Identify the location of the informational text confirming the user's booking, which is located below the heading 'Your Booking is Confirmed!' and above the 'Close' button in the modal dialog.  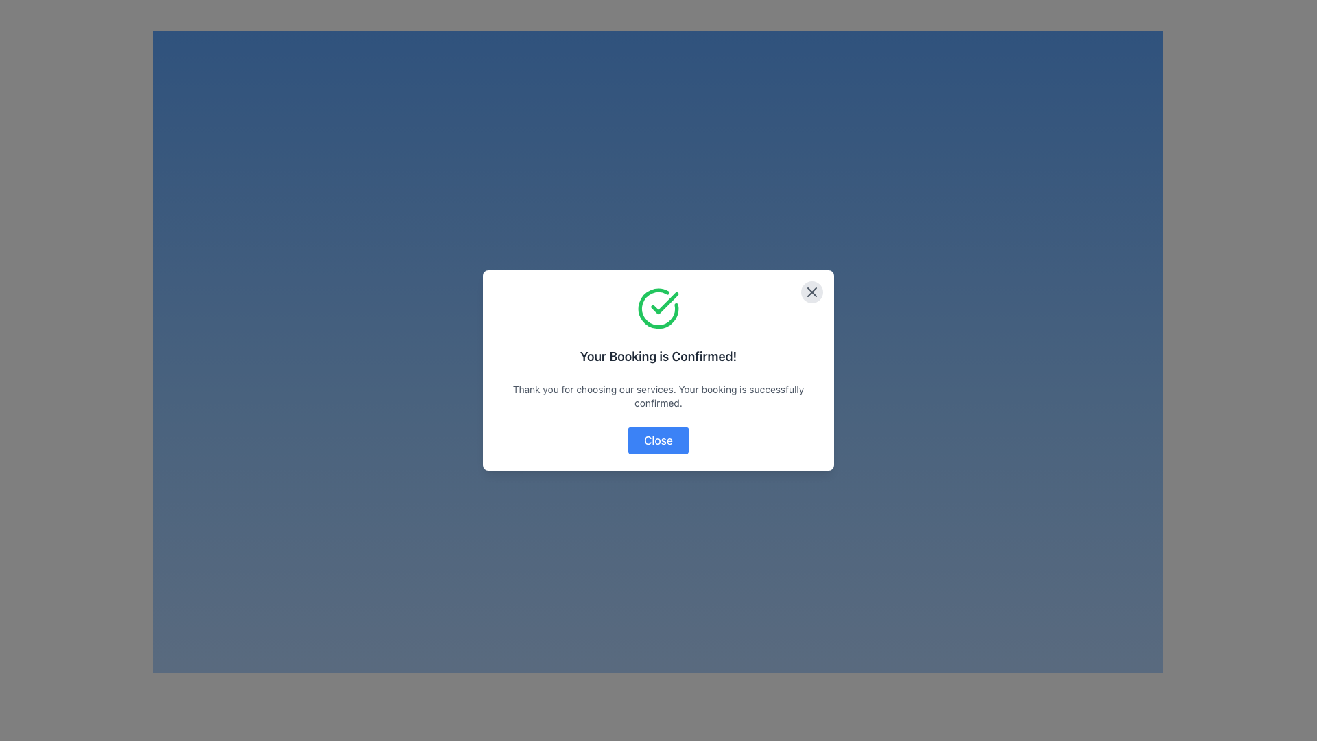
(658, 397).